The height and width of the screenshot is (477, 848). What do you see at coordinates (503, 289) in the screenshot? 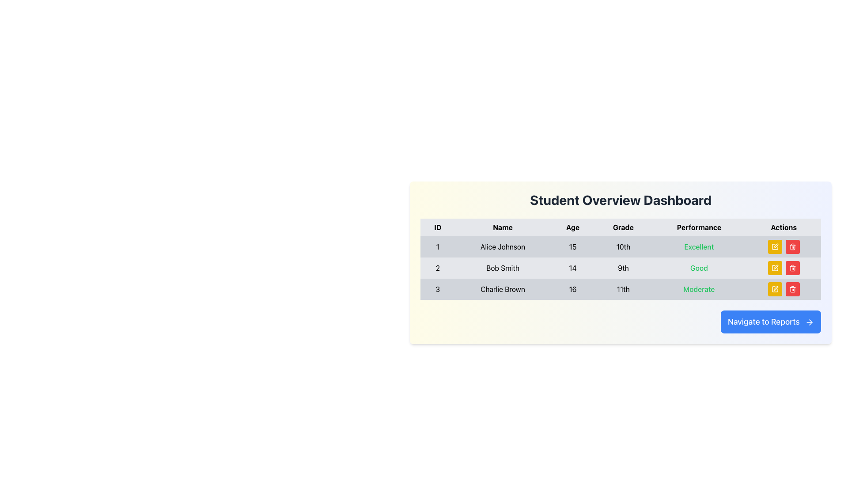
I see `the text label element displaying 'Charlie Brown' in the 'Student Overview Dashboard' table, located under the 'Name' column for student ID '3'` at bounding box center [503, 289].